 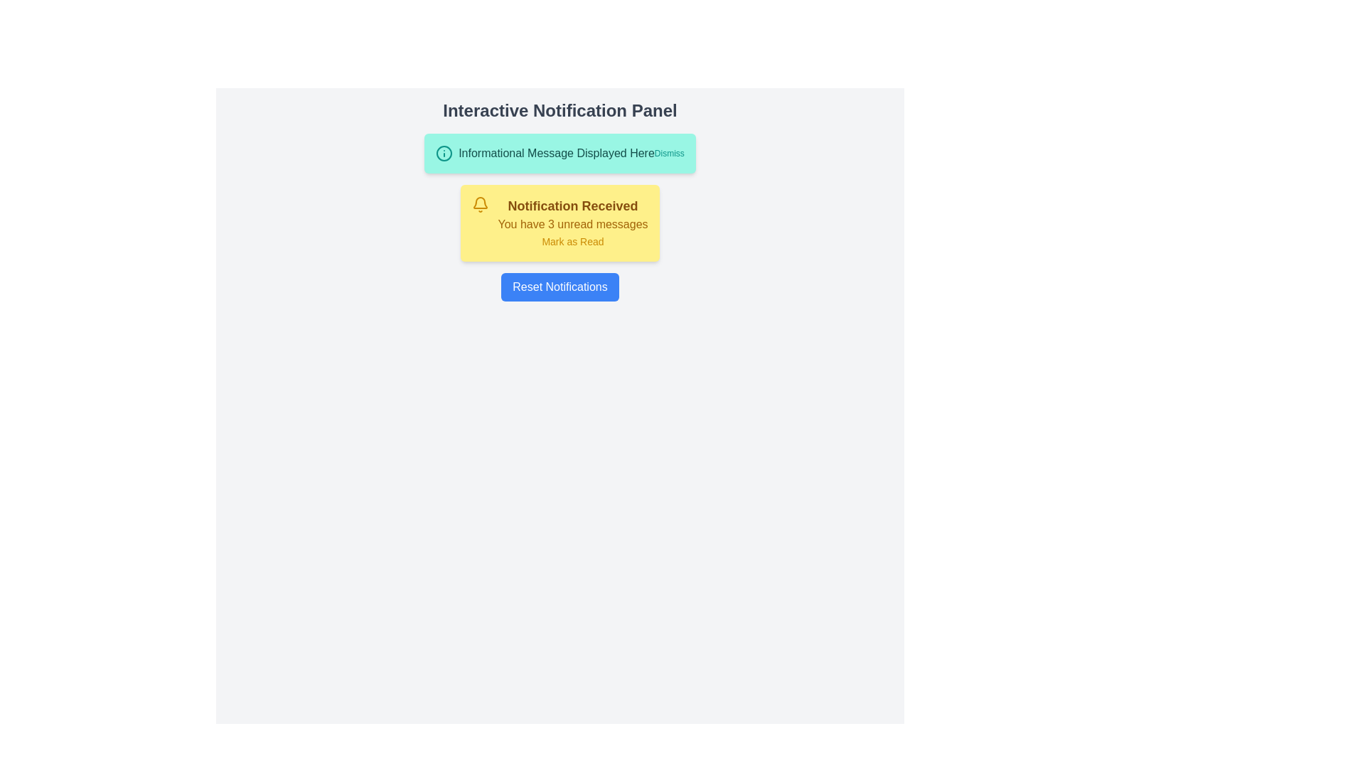 What do you see at coordinates (481, 203) in the screenshot?
I see `the bell-shaped notification icon, which is contained within a yellow notification box and positioned in the upper-middle section of the box` at bounding box center [481, 203].